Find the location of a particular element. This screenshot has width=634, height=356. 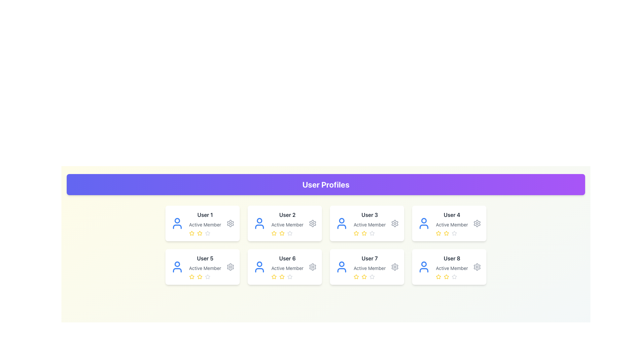

the settings icon located within the user profile card for 'User 8' is located at coordinates (477, 267).